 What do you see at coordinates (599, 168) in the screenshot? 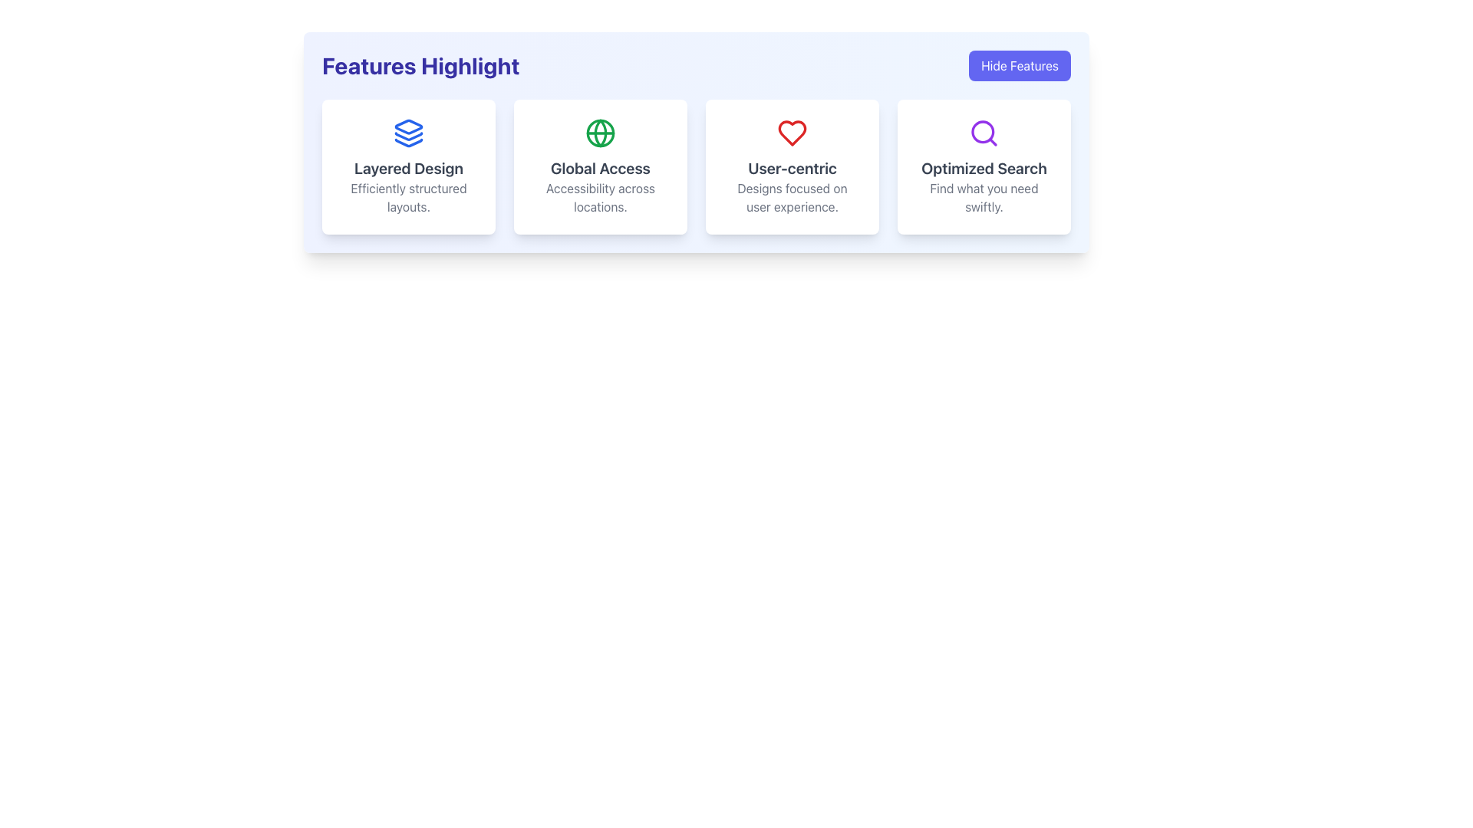
I see `the title text indicating global accessibility features, located below the globe icon and above the descriptive text in the second card of the 'Features Highlight'` at bounding box center [599, 168].